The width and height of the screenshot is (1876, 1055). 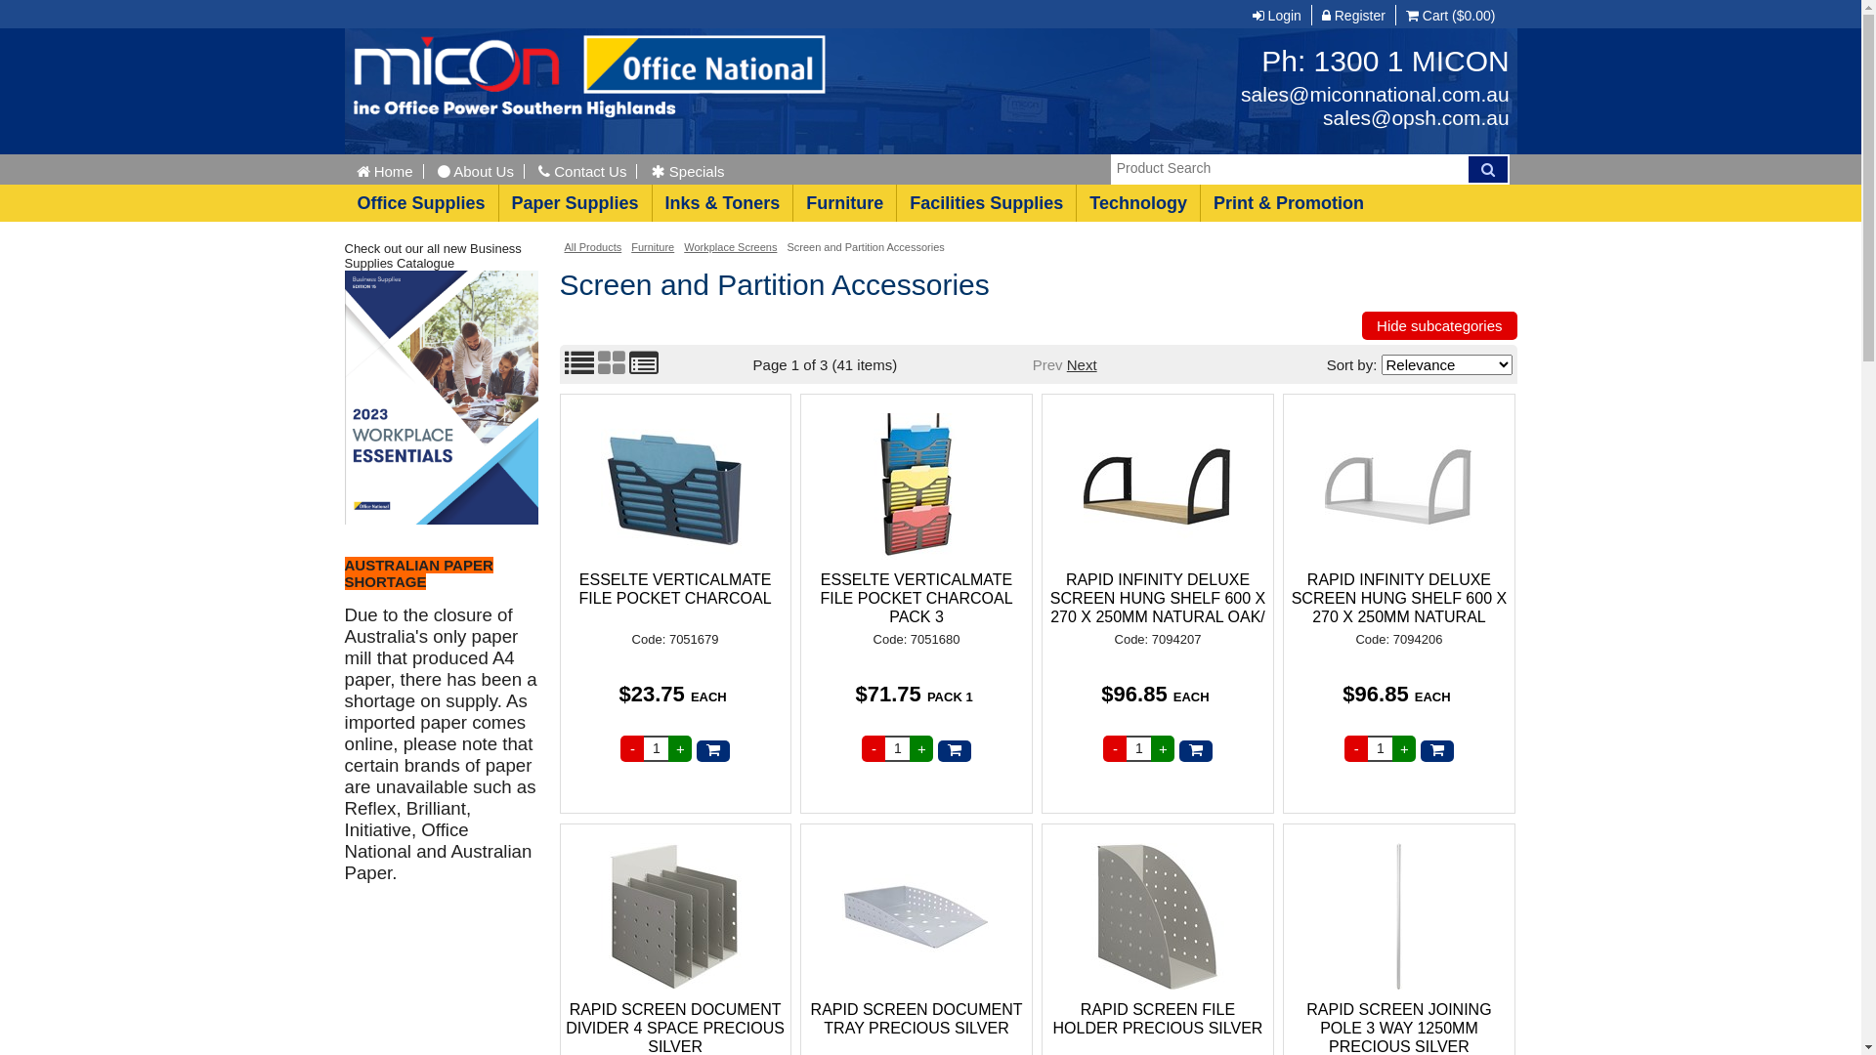 I want to click on 'Technology', so click(x=1137, y=203).